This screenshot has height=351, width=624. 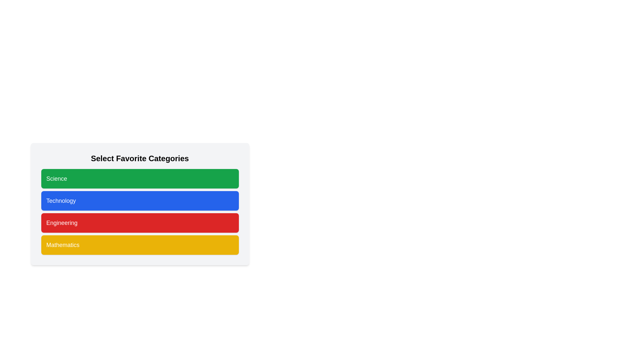 I want to click on text of the 'Mathematics' label, which is displayed in a bold font on a yellow background as the last element in a vertically stacked list of buttons, so click(x=63, y=245).